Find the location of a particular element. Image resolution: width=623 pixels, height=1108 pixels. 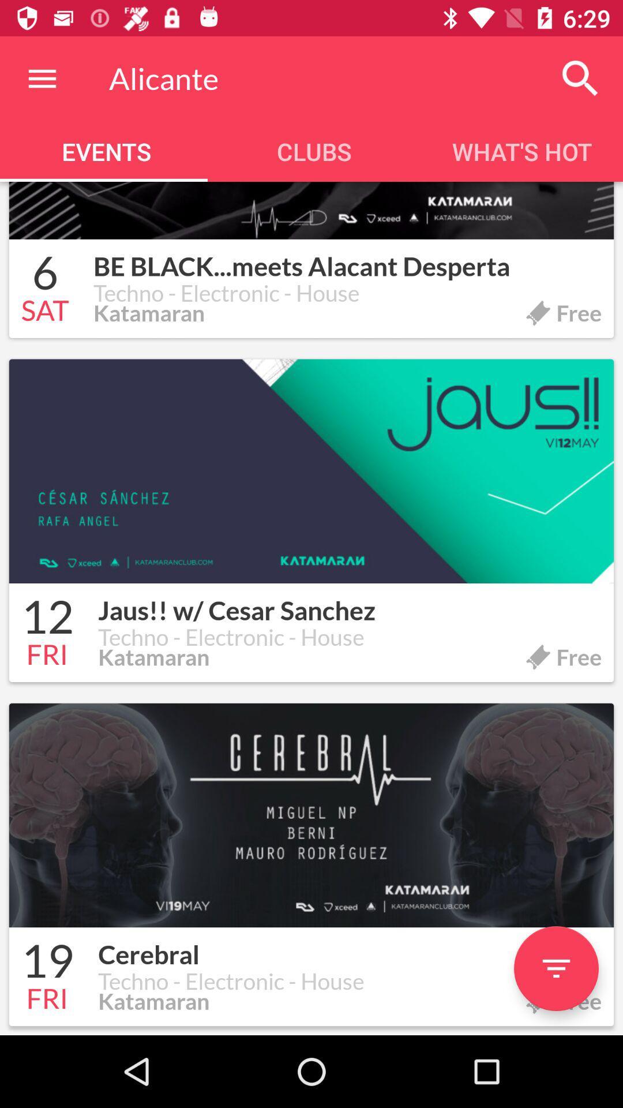

item next to the 19 icon is located at coordinates (349, 948).